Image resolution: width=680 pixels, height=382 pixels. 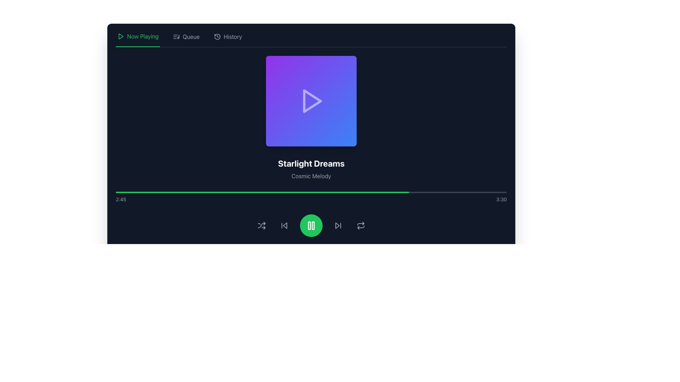 What do you see at coordinates (142, 36) in the screenshot?
I see `the 'Now Playing' text label, which is a bold green font with an underline, located in the top-left corner of the navigation bar` at bounding box center [142, 36].